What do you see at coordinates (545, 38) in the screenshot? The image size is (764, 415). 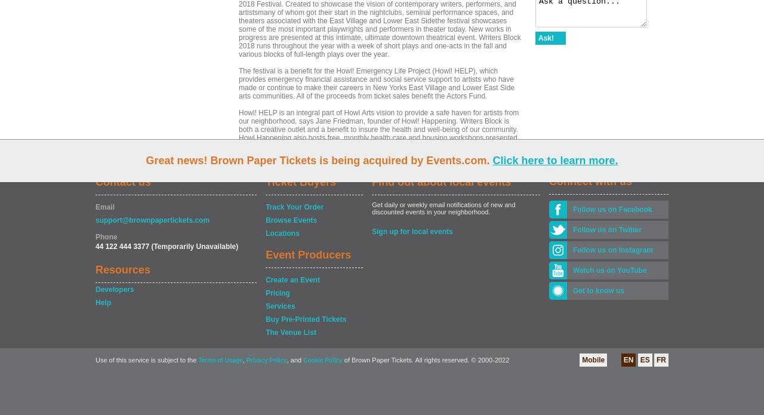 I see `'Ask!'` at bounding box center [545, 38].